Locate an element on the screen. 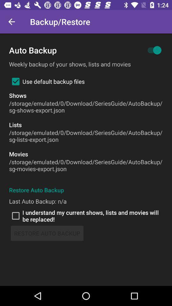  the icon below the weekly backup of is located at coordinates (47, 81).